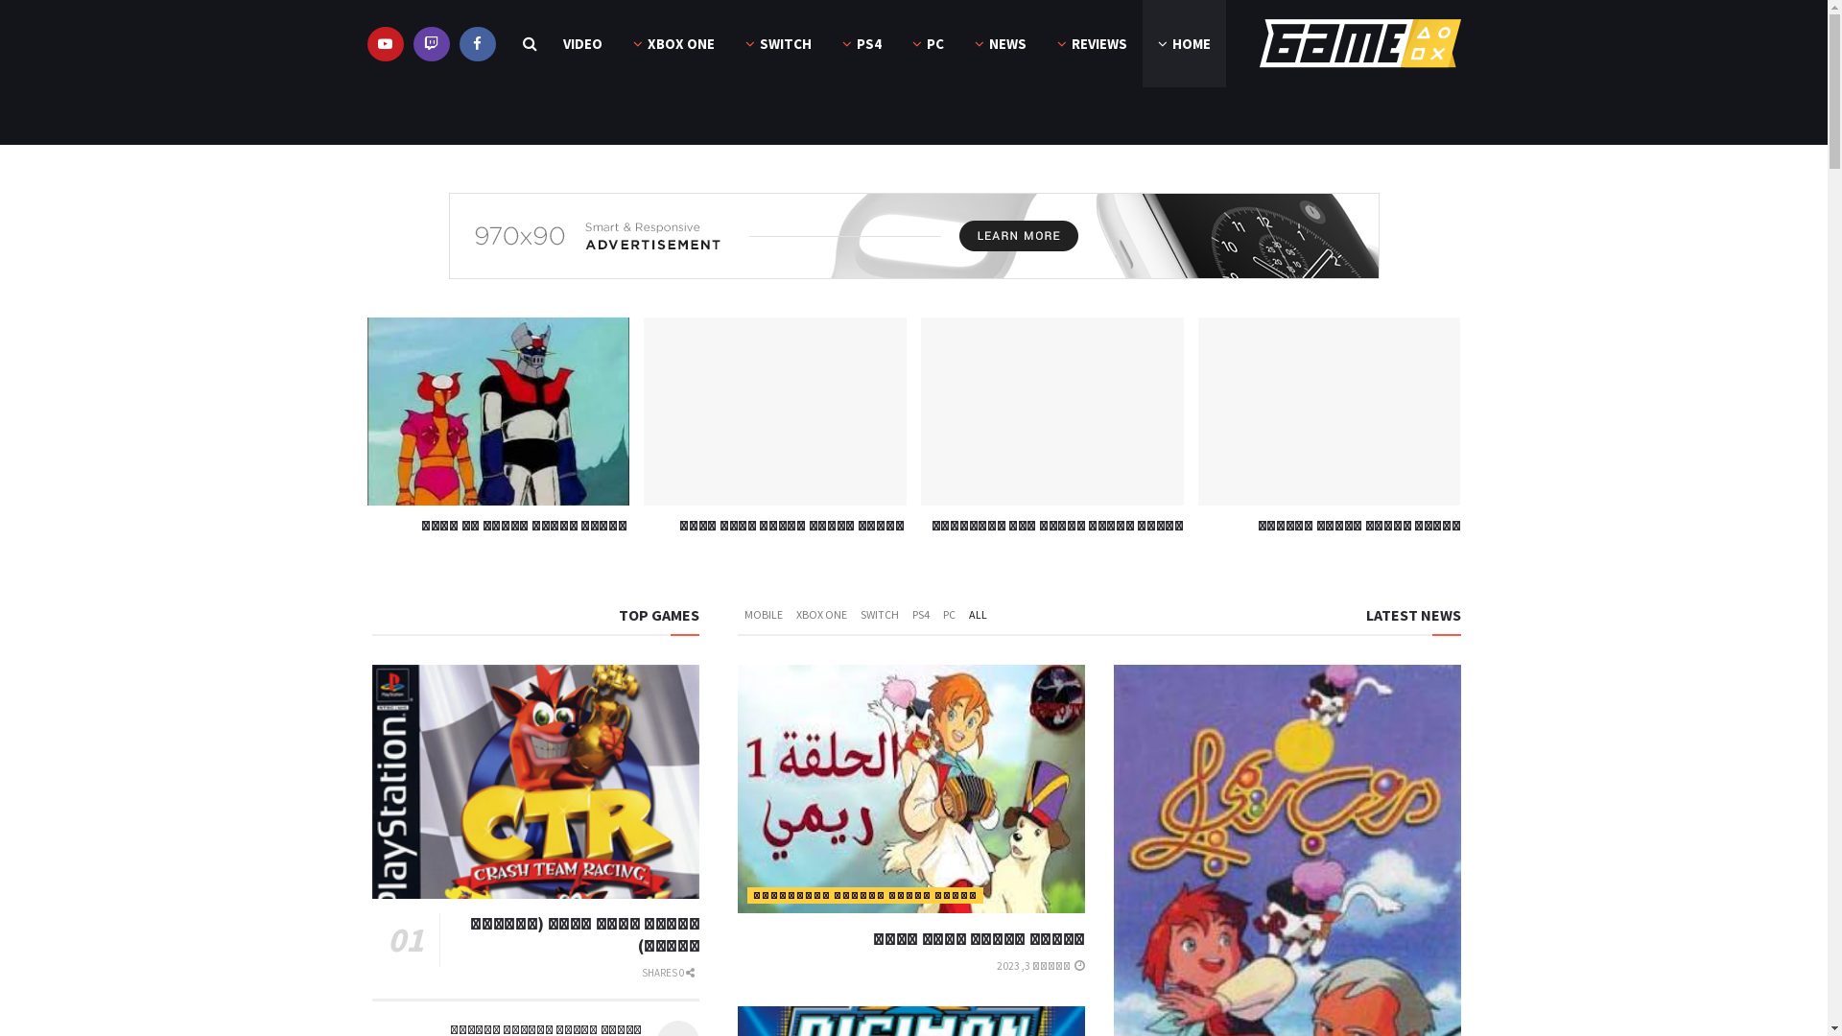  What do you see at coordinates (580, 43) in the screenshot?
I see `'VIDEO'` at bounding box center [580, 43].